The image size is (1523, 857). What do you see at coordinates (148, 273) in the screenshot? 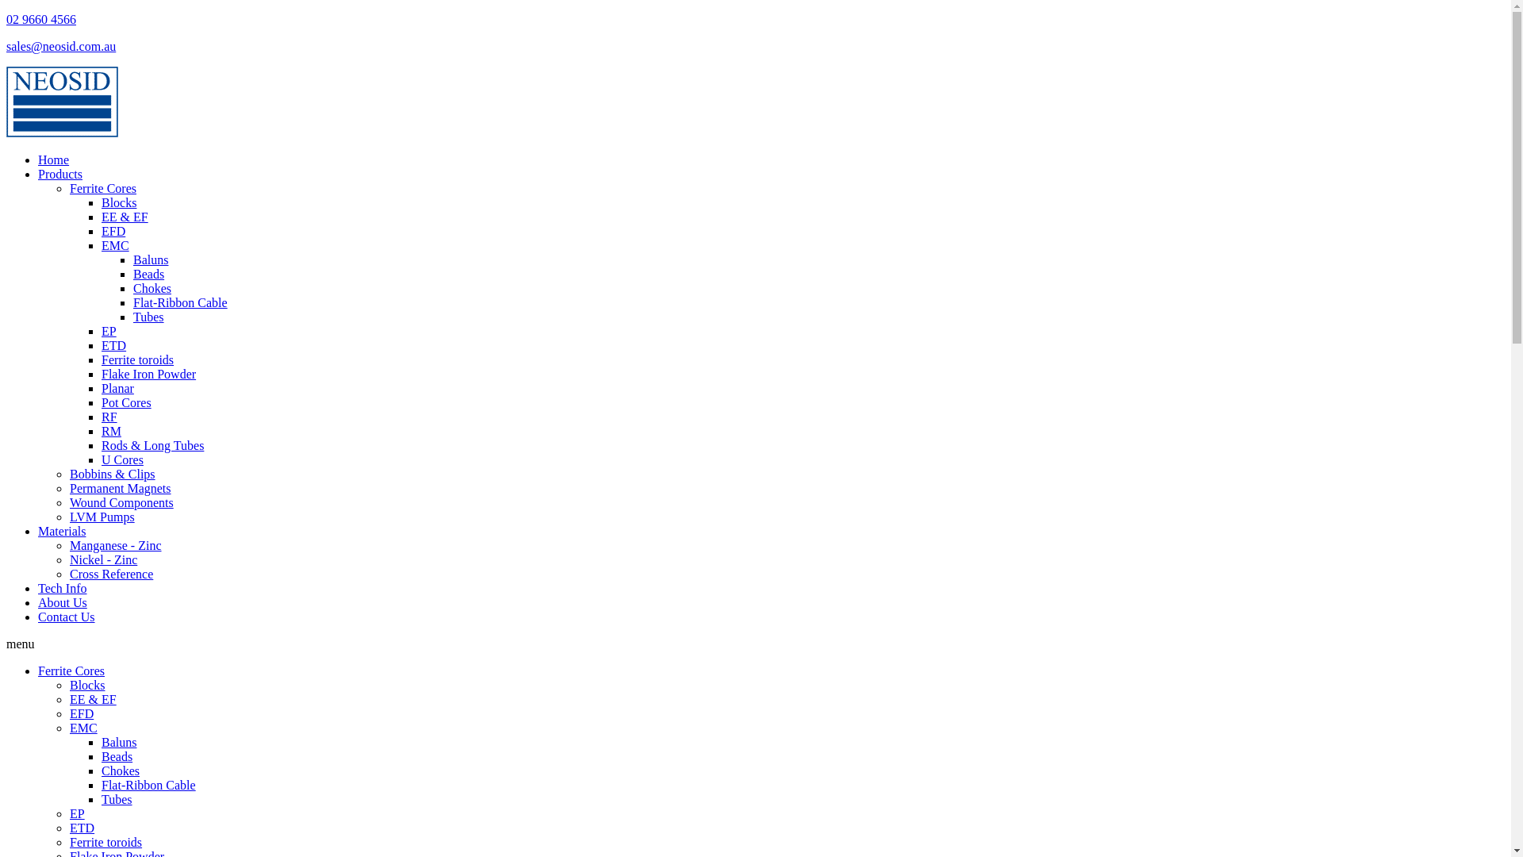
I see `'Beads'` at bounding box center [148, 273].